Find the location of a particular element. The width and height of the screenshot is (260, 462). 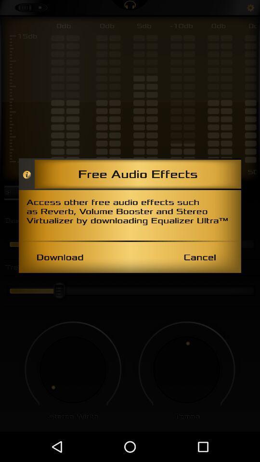

the icon next to download is located at coordinates (199, 257).